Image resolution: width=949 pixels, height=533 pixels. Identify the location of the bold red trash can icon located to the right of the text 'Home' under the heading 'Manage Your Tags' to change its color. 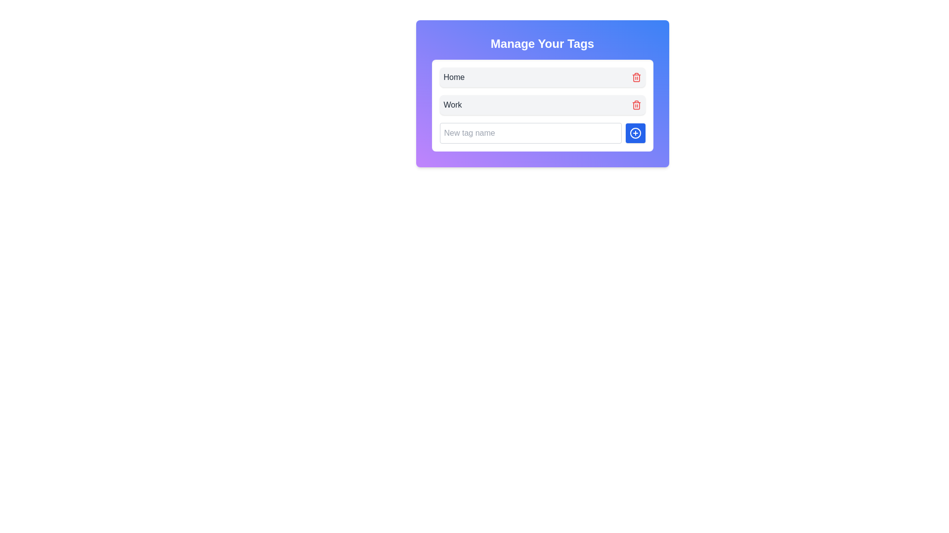
(636, 77).